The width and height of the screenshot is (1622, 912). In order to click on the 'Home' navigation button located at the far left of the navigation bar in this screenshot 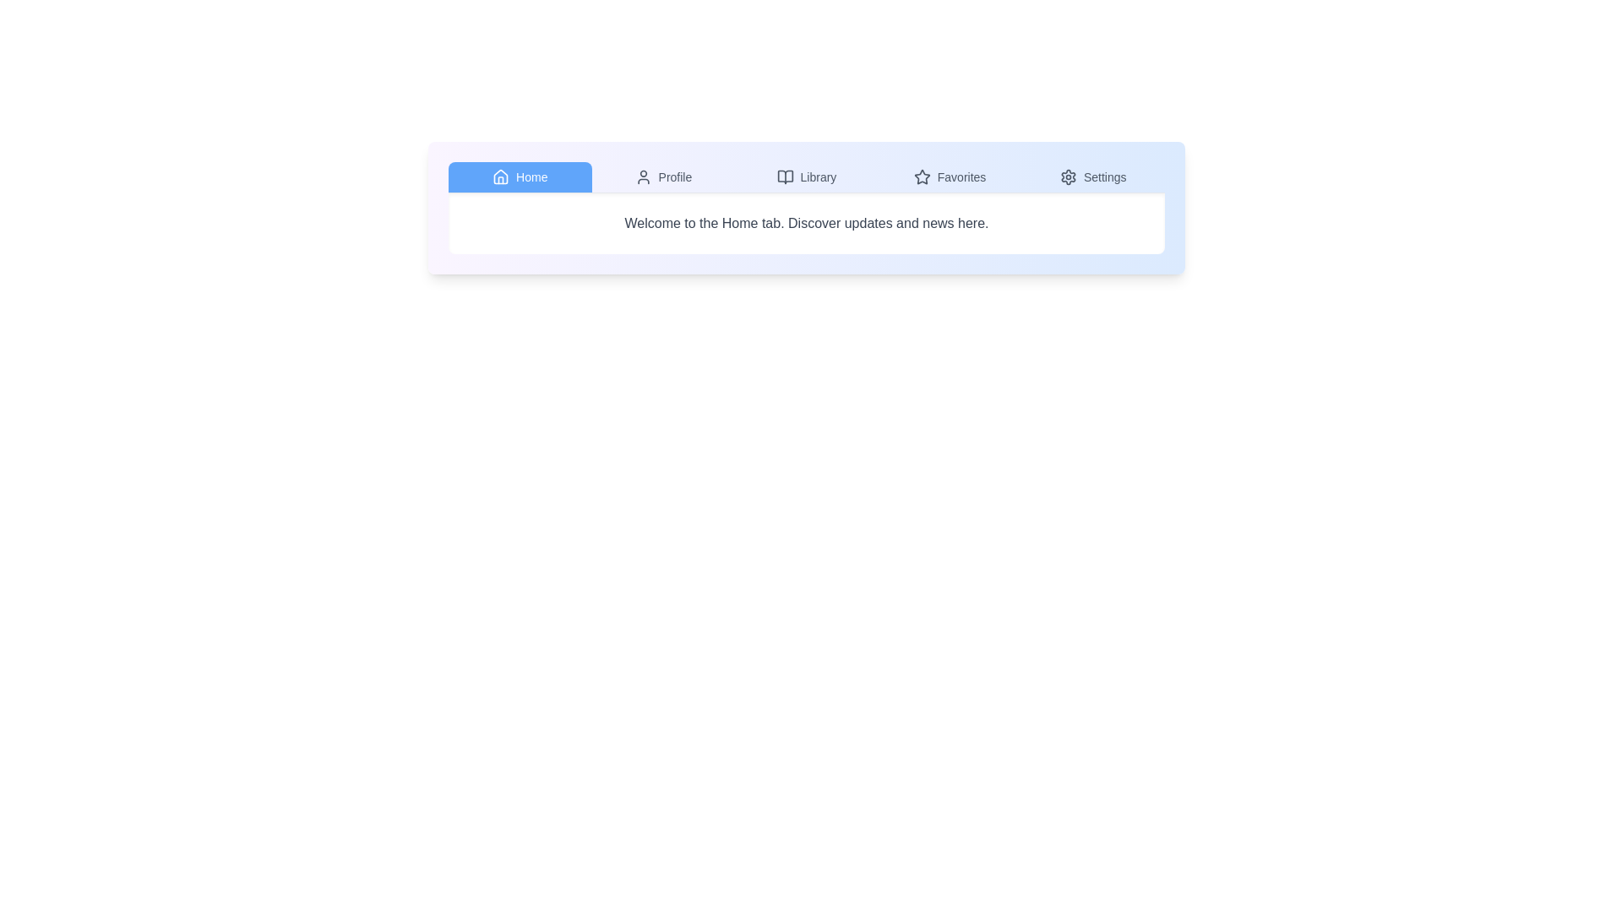, I will do `click(519, 176)`.